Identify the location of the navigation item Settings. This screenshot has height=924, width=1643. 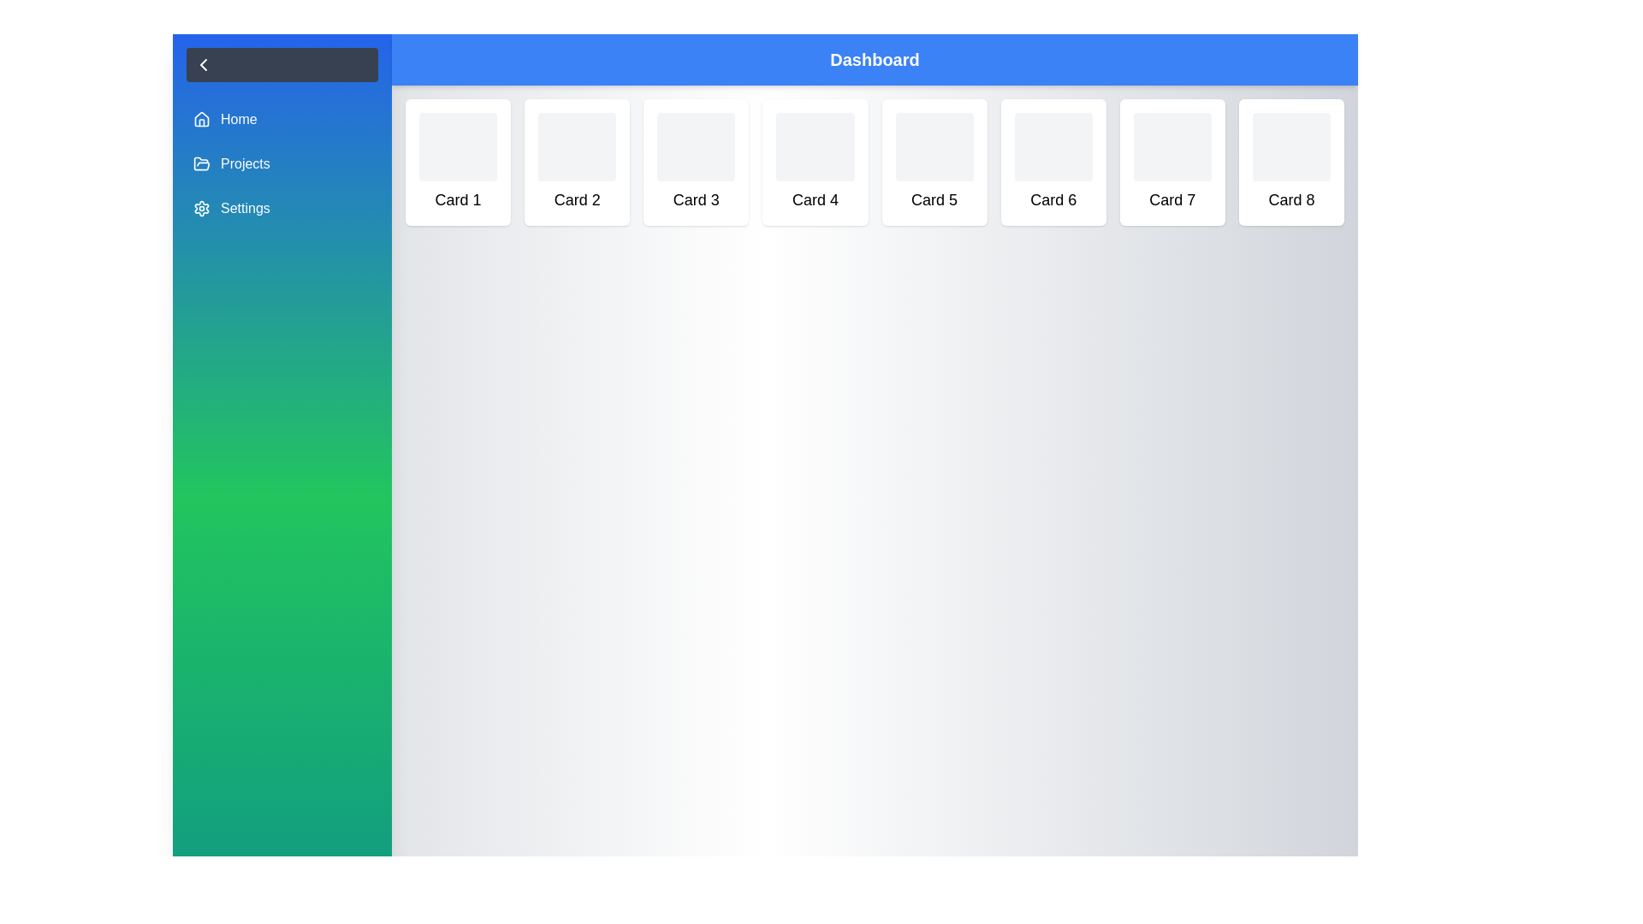
(282, 207).